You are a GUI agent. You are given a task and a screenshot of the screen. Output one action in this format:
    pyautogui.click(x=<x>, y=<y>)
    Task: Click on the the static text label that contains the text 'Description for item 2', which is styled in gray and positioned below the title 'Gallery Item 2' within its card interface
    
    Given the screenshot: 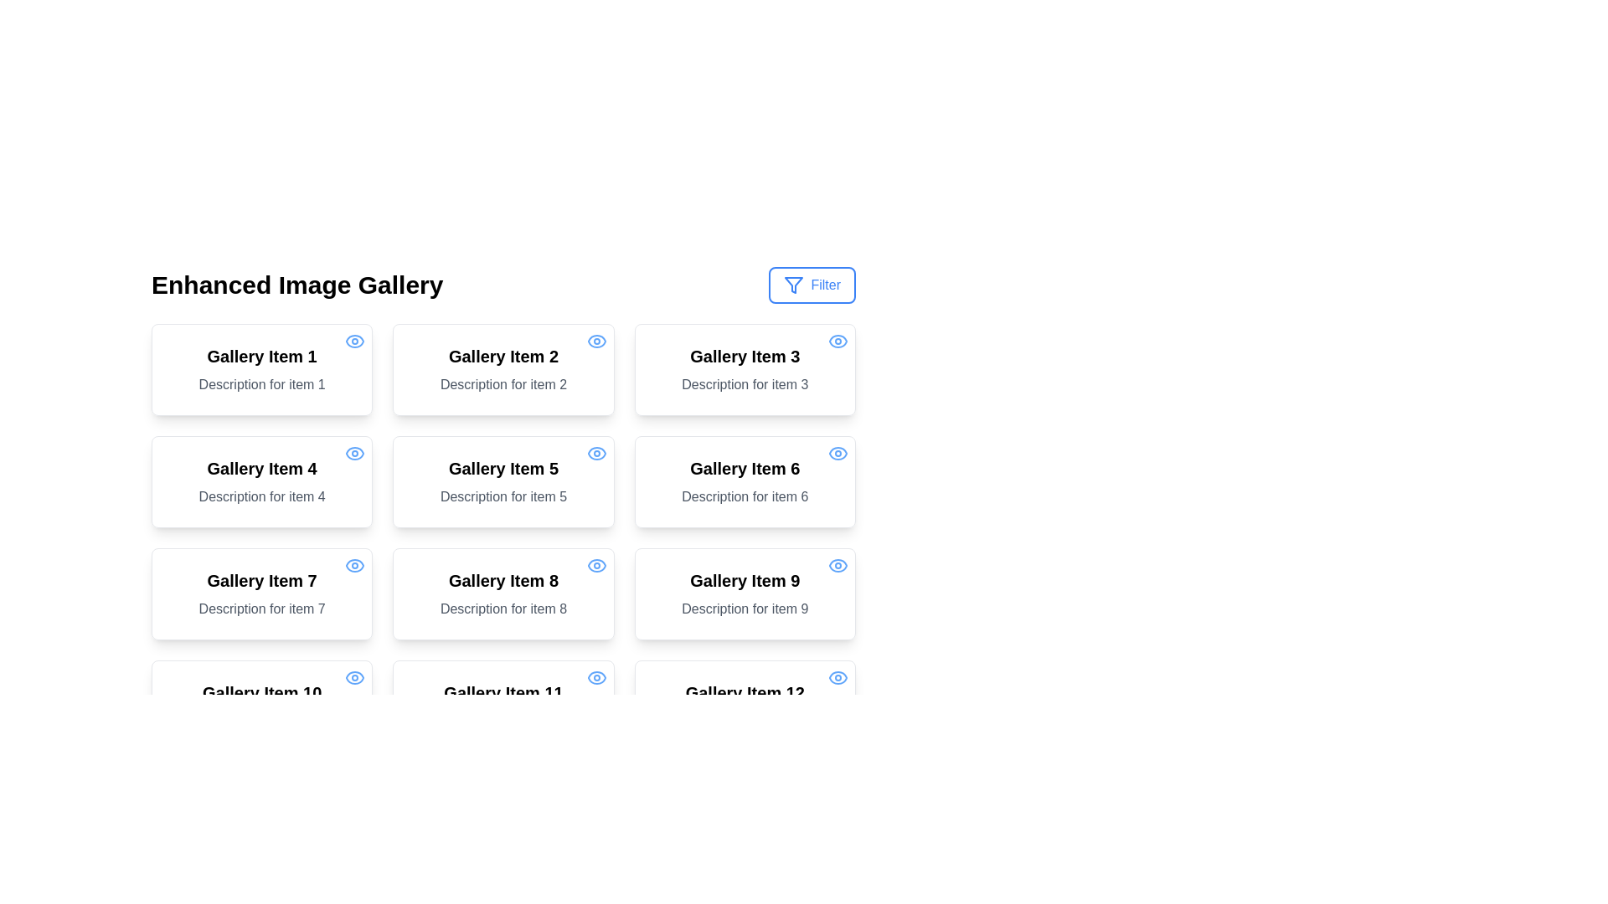 What is the action you would take?
    pyautogui.click(x=502, y=384)
    